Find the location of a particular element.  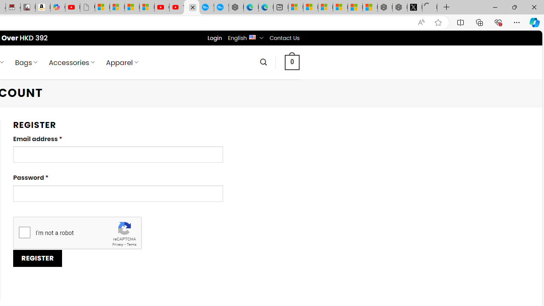

'English' is located at coordinates (252, 36).